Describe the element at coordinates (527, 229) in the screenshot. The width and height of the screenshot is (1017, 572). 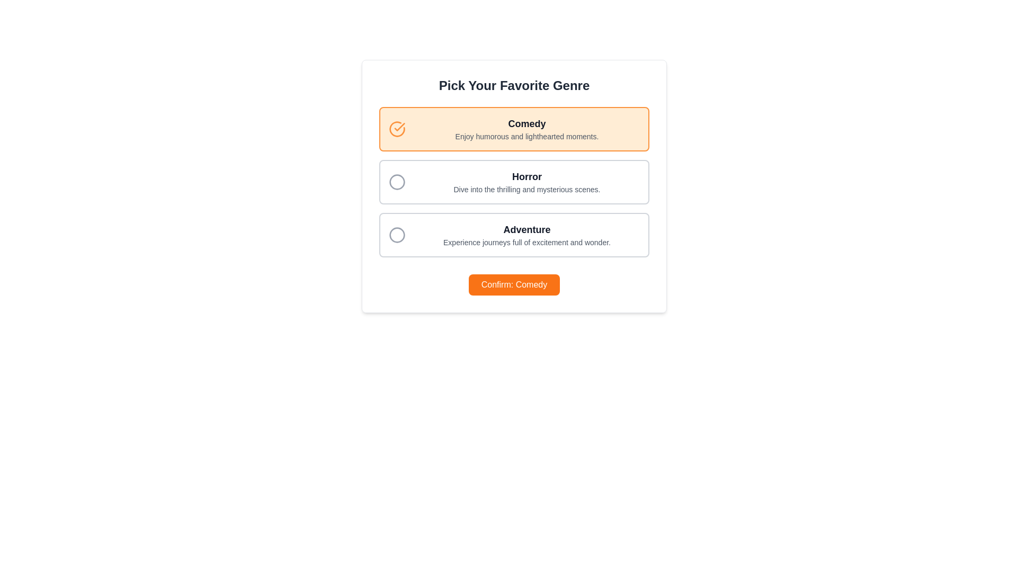
I see `the Text (Header) element that indicates the Adventure genre selection, located in the third genre selection card` at that location.